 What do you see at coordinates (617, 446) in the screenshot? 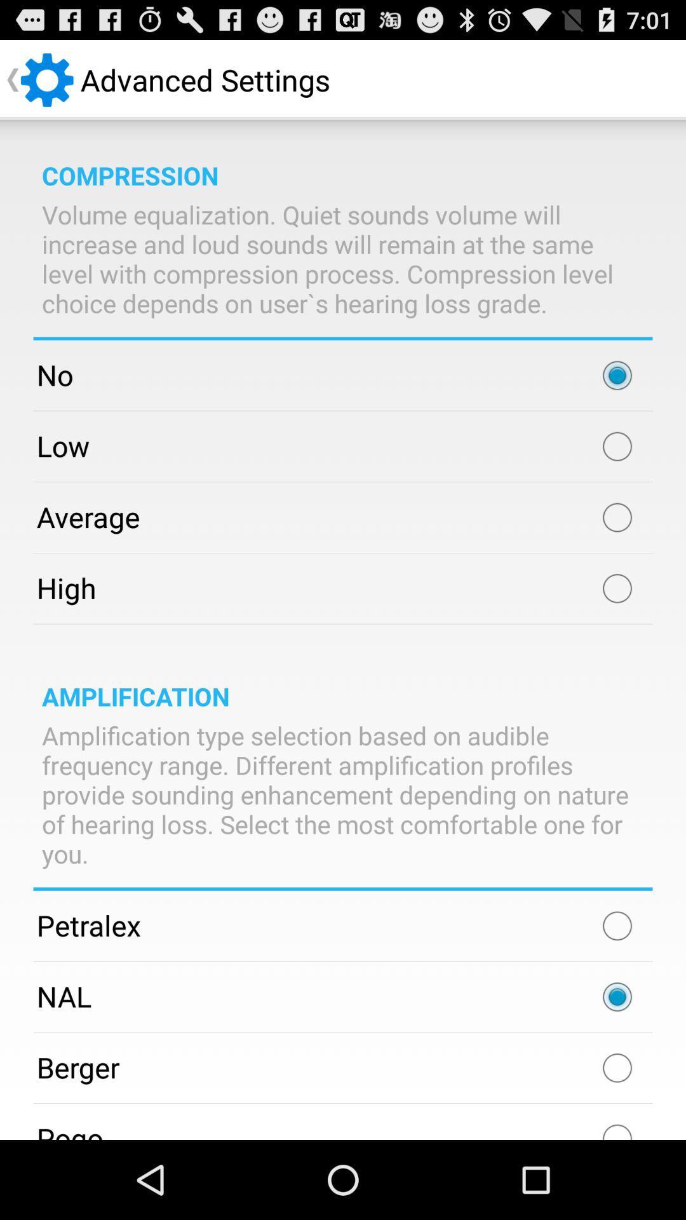
I see `set volume equalization to low` at bounding box center [617, 446].